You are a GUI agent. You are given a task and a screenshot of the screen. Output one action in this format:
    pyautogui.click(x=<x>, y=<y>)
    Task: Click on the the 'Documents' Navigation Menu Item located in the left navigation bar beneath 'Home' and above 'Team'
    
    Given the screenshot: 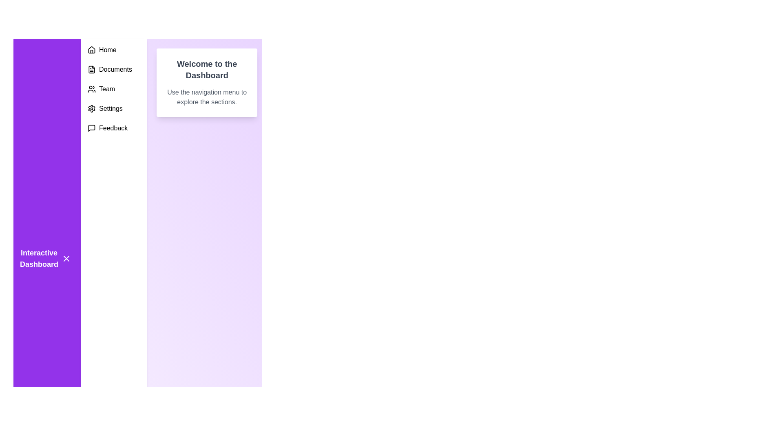 What is the action you would take?
    pyautogui.click(x=113, y=69)
    